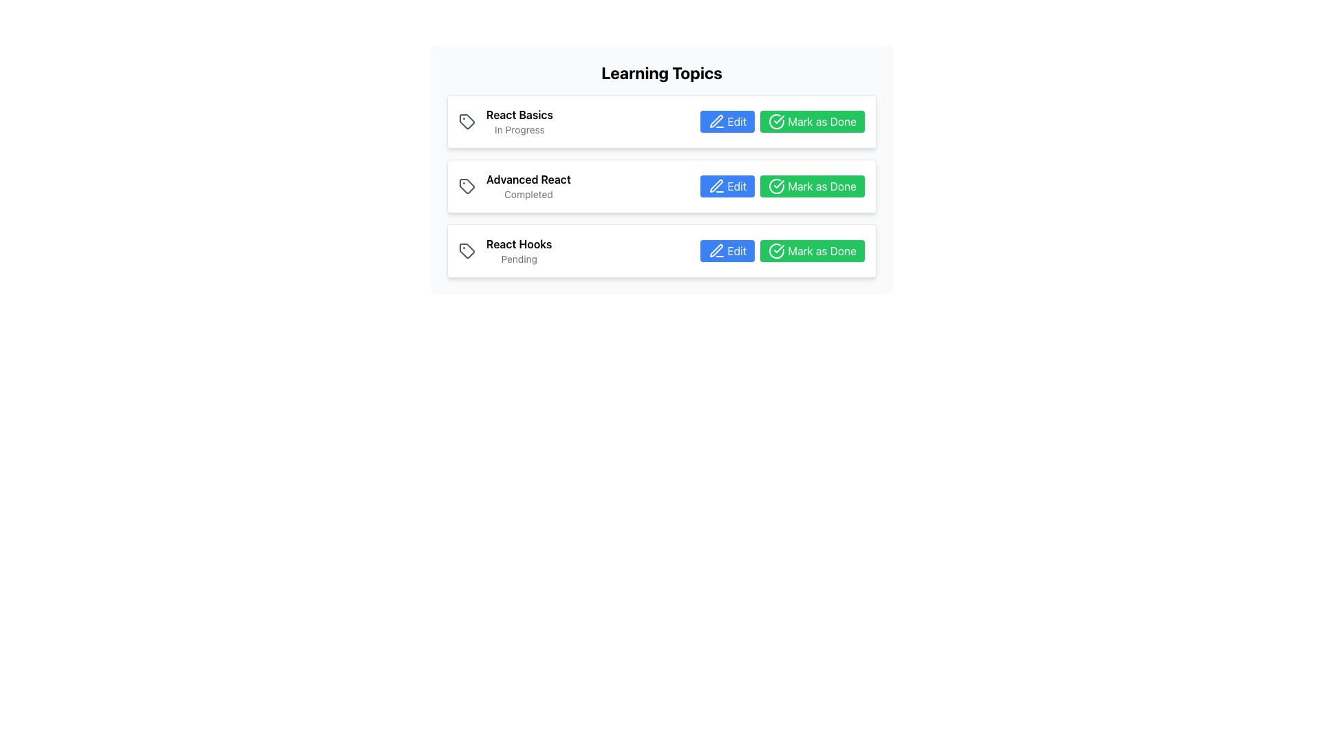 The height and width of the screenshot is (743, 1321). I want to click on the 'In Progress' text label, which is a smaller gray text positioned beneath the 'React Basics' label in the learning topics section, so click(519, 130).